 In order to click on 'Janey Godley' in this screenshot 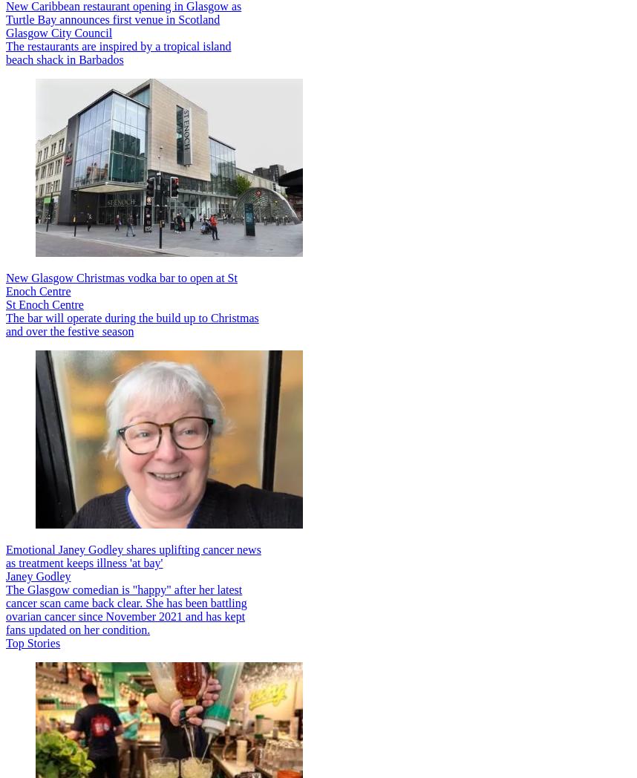, I will do `click(37, 575)`.